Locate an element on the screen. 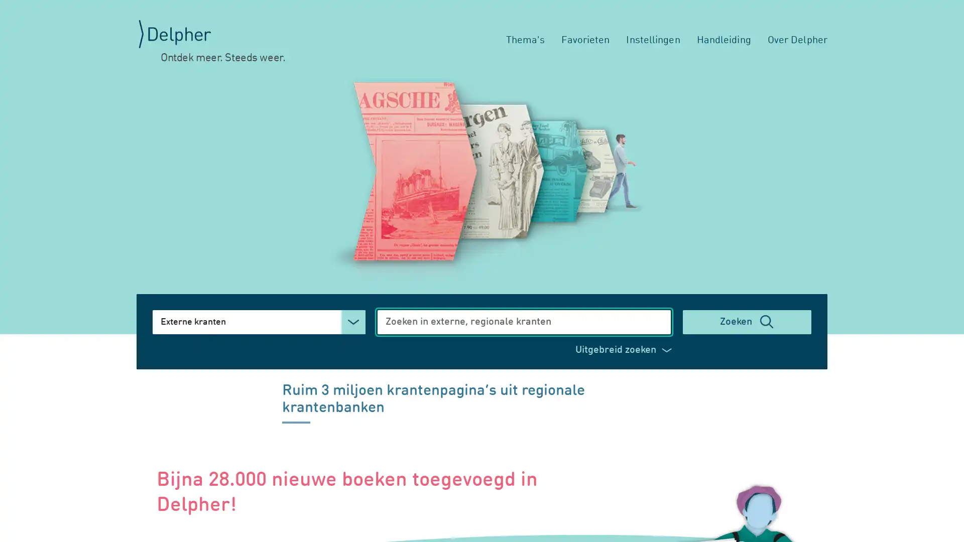 Image resolution: width=964 pixels, height=542 pixels. Uitgebreid zoeken is located at coordinates (624, 350).